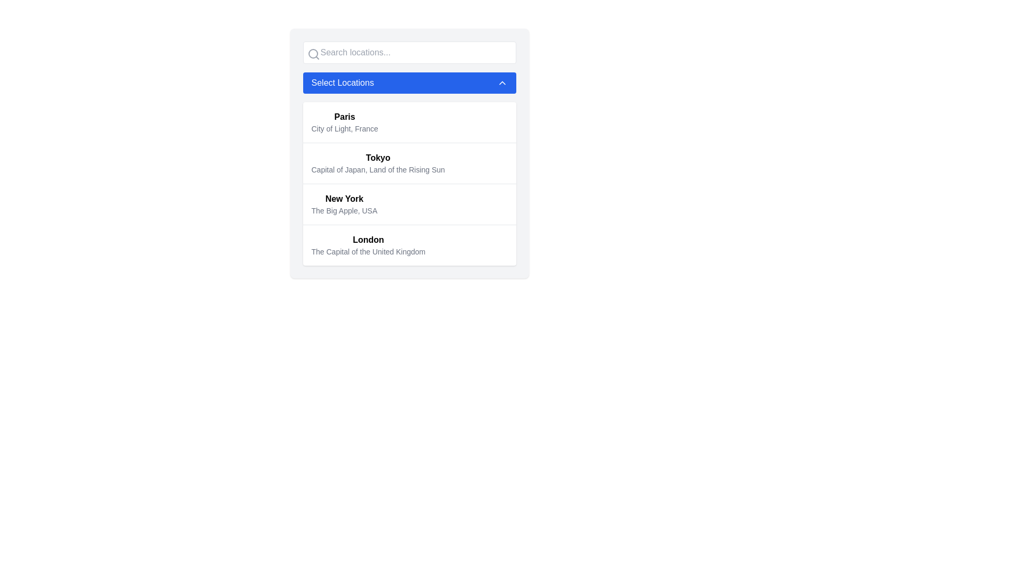  What do you see at coordinates (378, 169) in the screenshot?
I see `the text label displaying 'Capital of Japan, Land of the Rising Sun' located below the title 'Tokyo' in a card layout` at bounding box center [378, 169].